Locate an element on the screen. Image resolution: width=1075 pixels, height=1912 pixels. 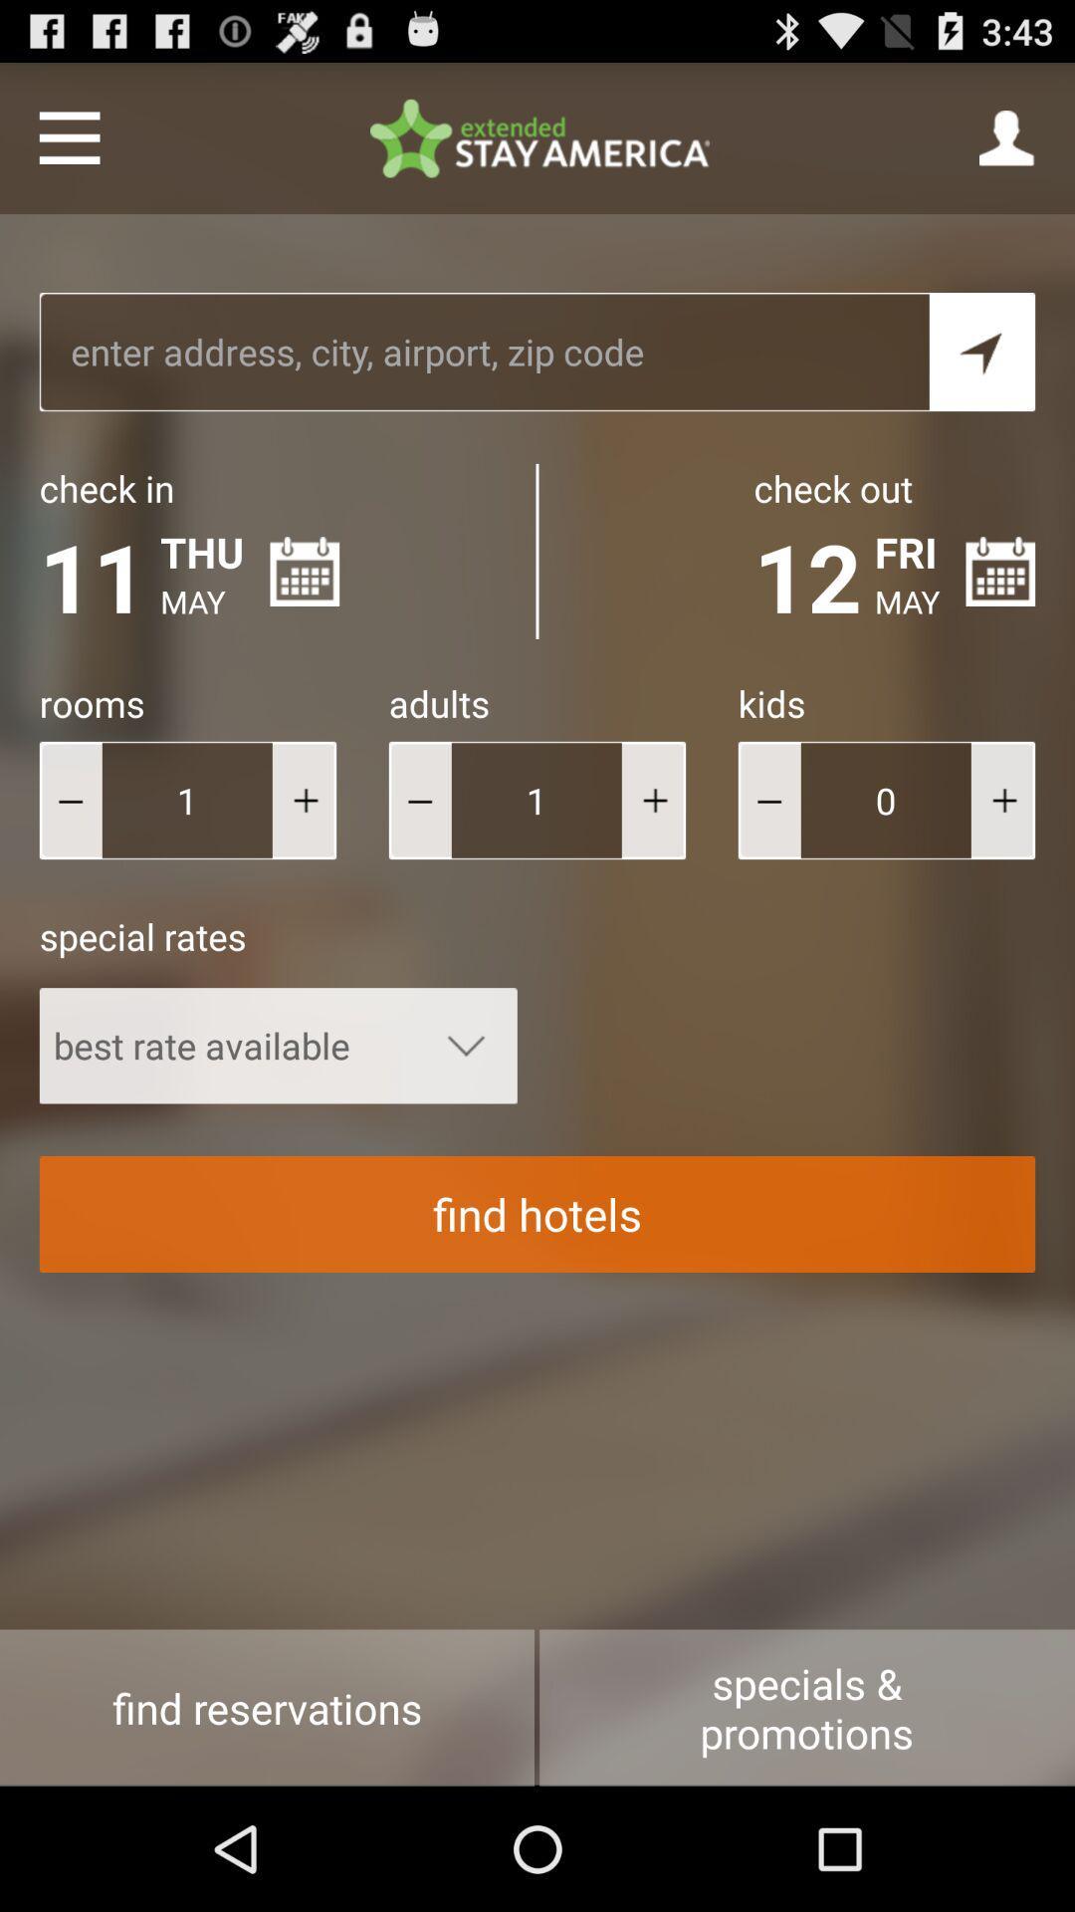
date selection option is located at coordinates (1000, 571).